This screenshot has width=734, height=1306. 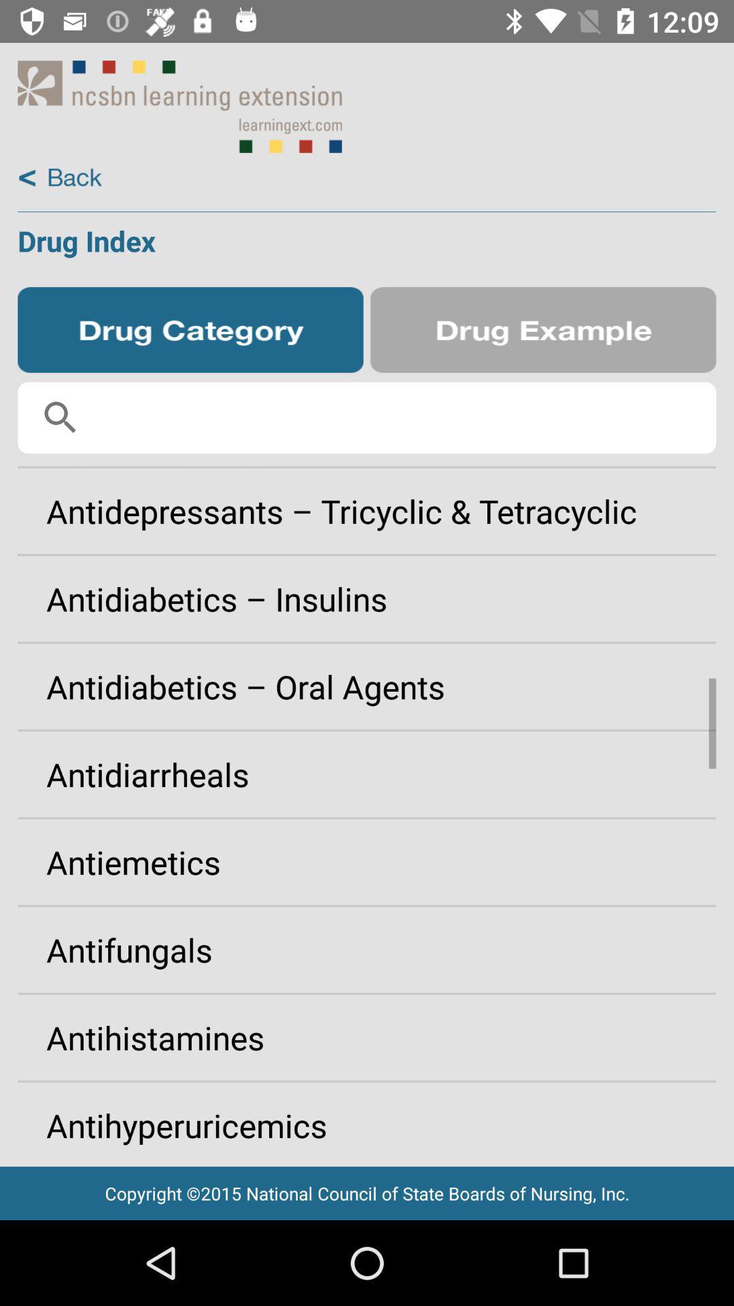 What do you see at coordinates (190, 330) in the screenshot?
I see `drug category` at bounding box center [190, 330].